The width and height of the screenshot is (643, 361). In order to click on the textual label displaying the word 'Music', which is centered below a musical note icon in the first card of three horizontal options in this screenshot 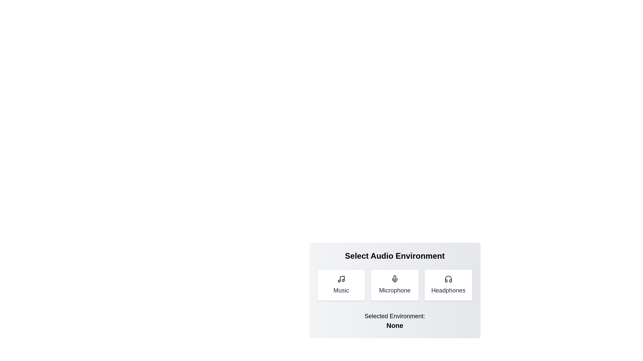, I will do `click(341, 290)`.